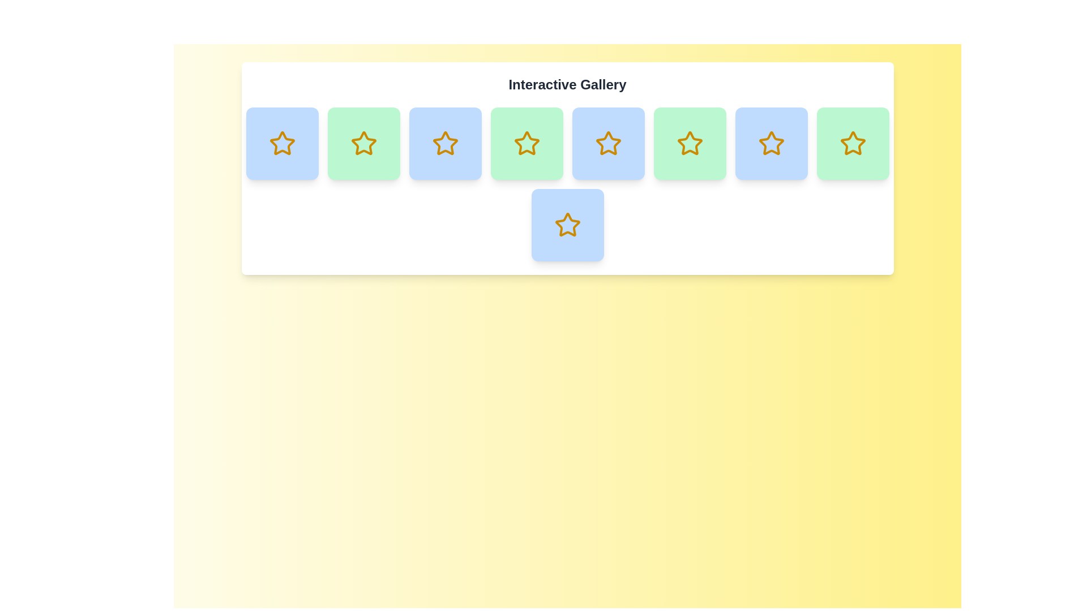  Describe the element at coordinates (689, 143) in the screenshot. I see `the sixth button from the left in the top row of buttons, which is likely used for favoriting or highlighting` at that location.